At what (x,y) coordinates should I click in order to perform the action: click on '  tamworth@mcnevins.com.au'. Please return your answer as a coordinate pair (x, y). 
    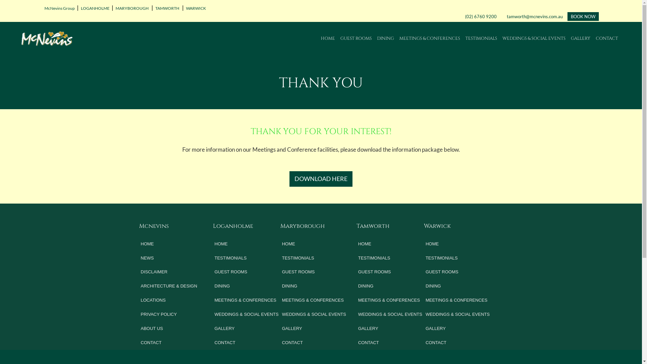
    Looking at the image, I should click on (504, 16).